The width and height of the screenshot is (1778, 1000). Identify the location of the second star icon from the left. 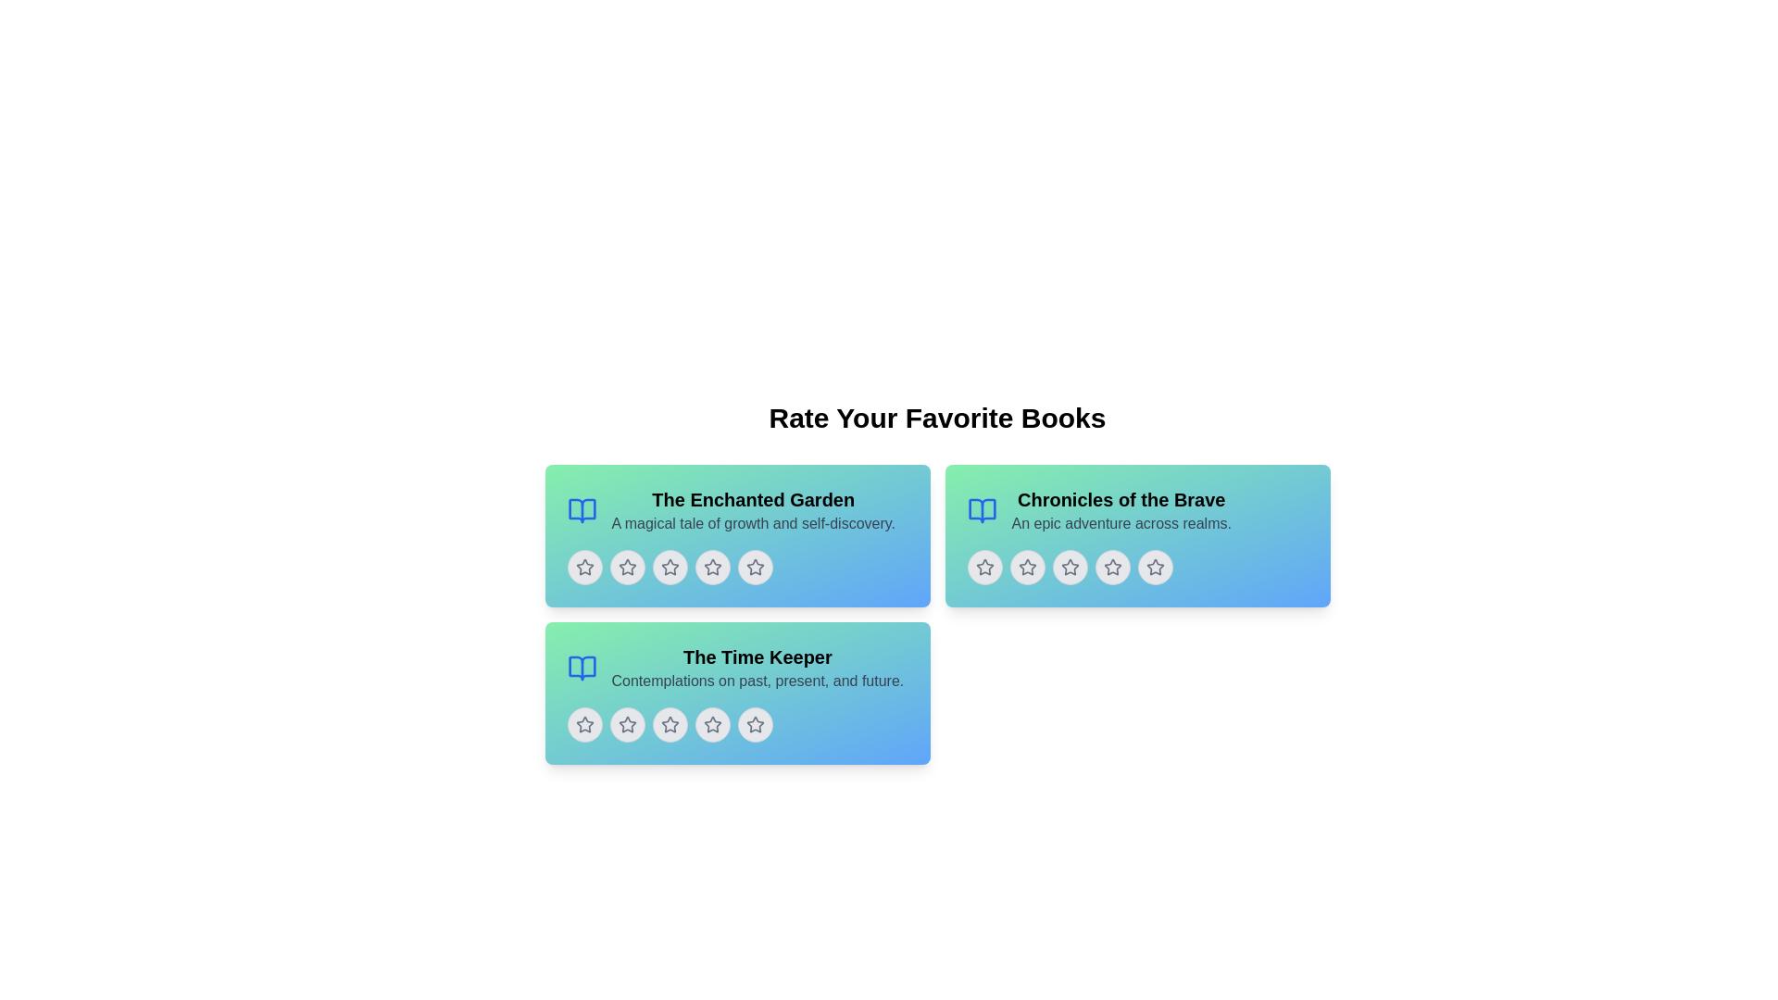
(1026, 566).